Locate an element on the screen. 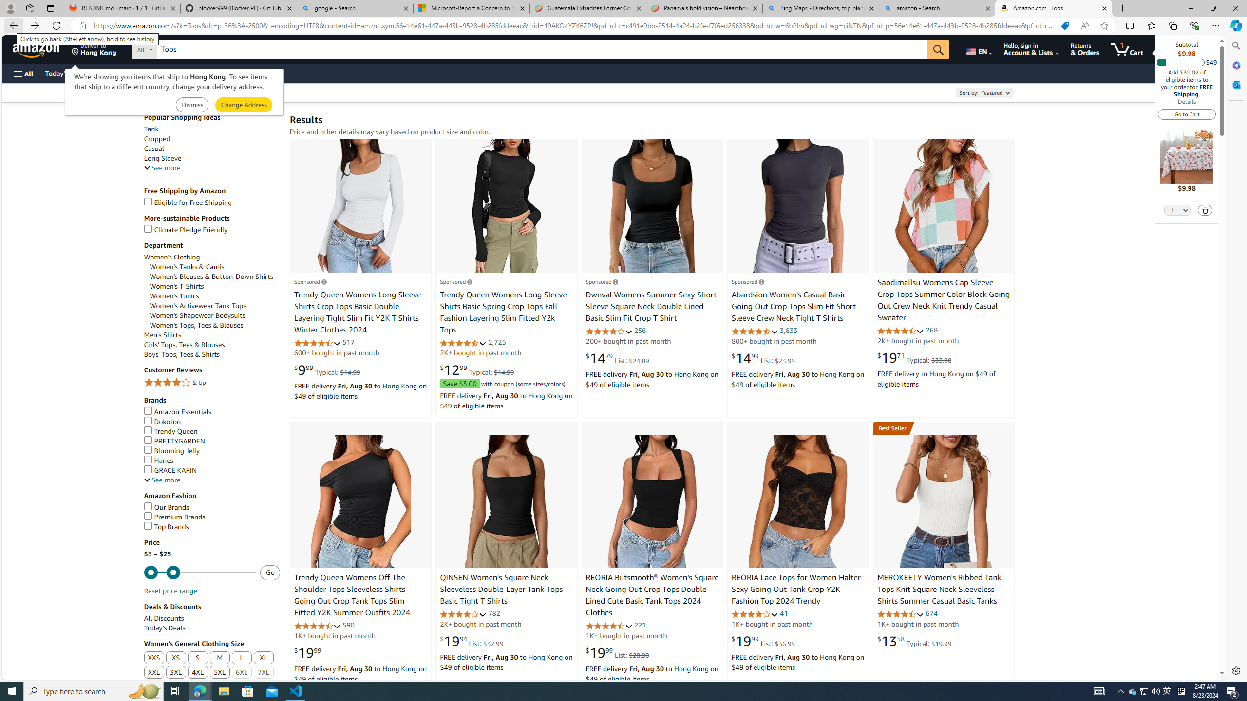 The image size is (1247, 701). 'Amazon Essentials' is located at coordinates (212, 412).